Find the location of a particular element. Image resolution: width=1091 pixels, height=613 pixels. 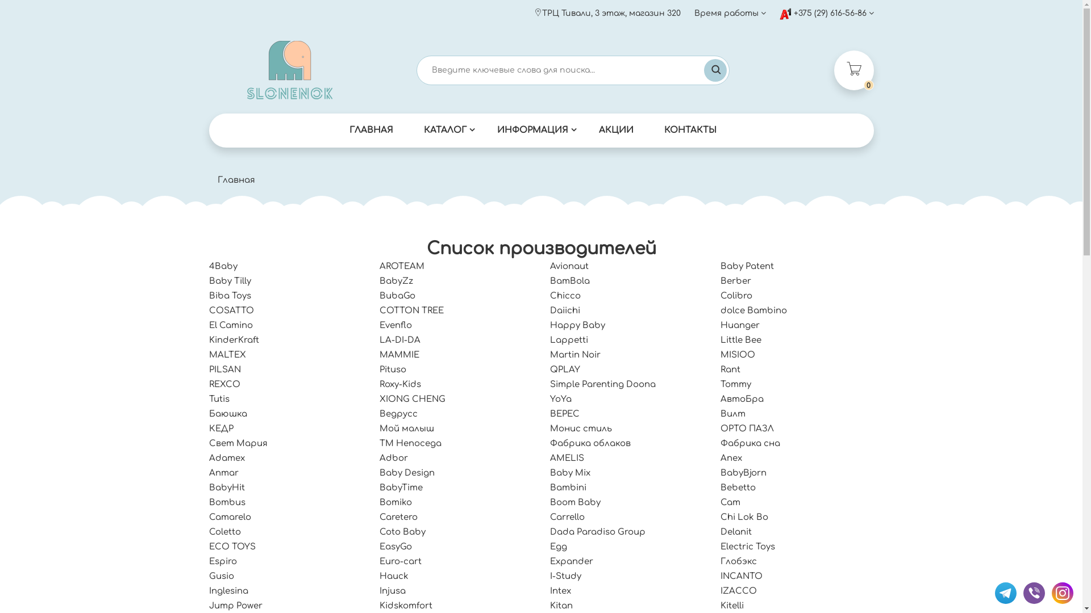

'BabyBjorn' is located at coordinates (743, 473).